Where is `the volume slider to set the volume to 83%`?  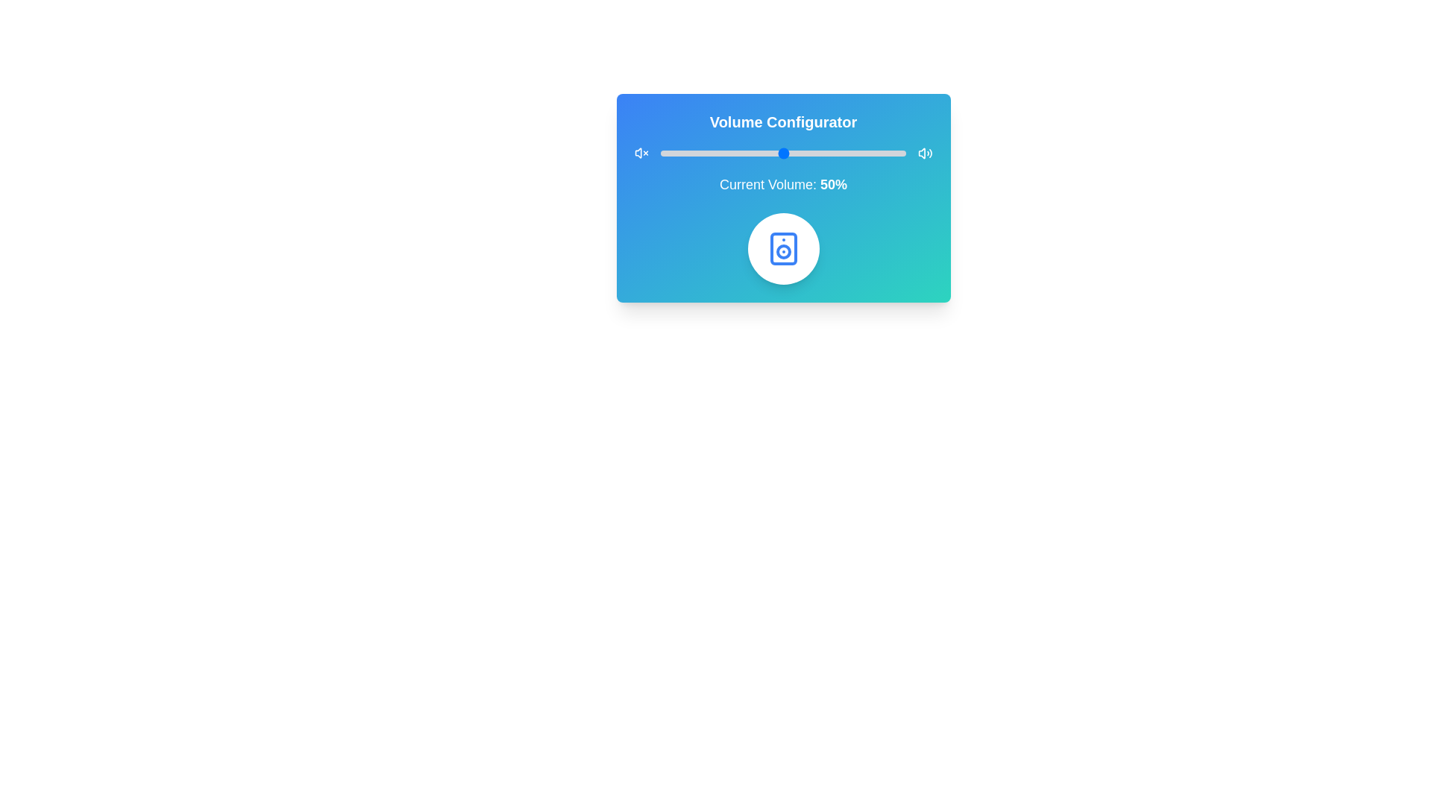
the volume slider to set the volume to 83% is located at coordinates (864, 153).